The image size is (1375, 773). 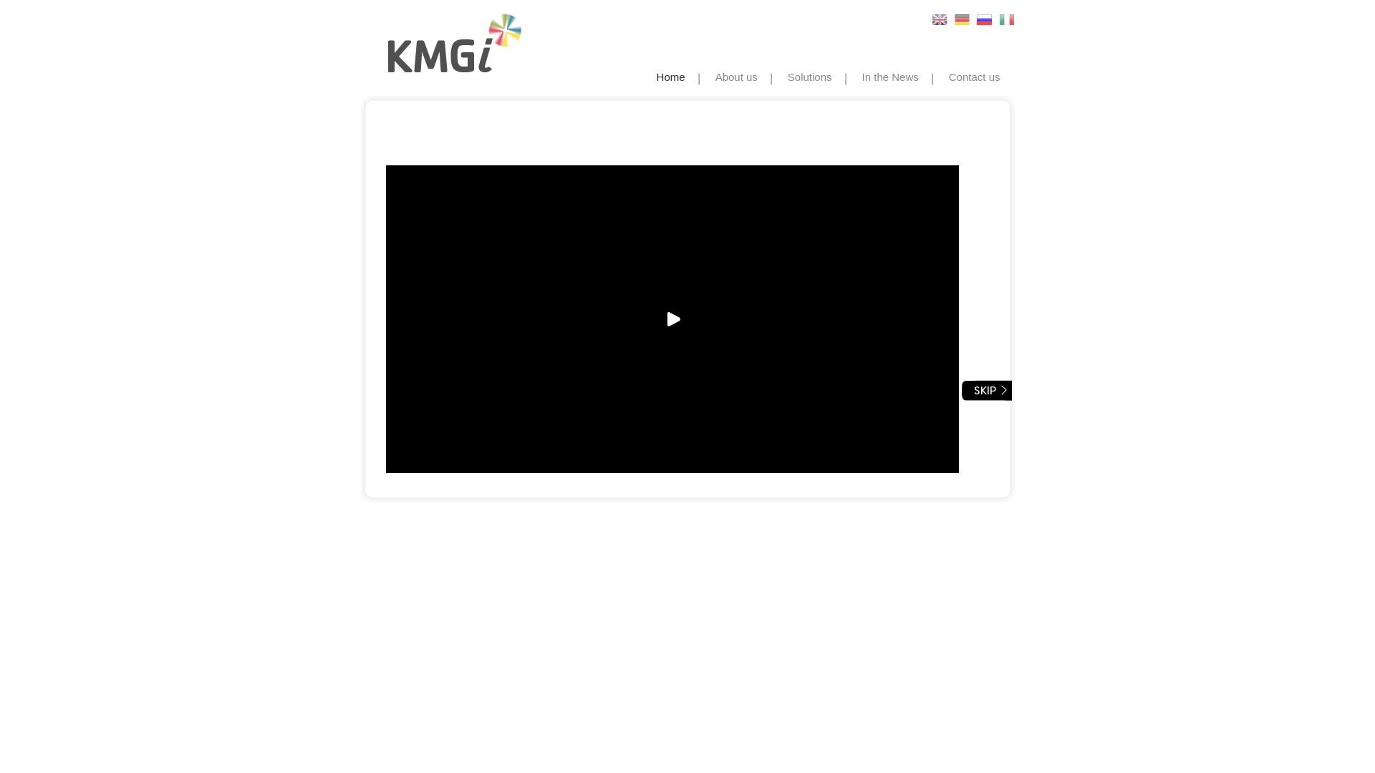 What do you see at coordinates (999, 21) in the screenshot?
I see `'Italian'` at bounding box center [999, 21].